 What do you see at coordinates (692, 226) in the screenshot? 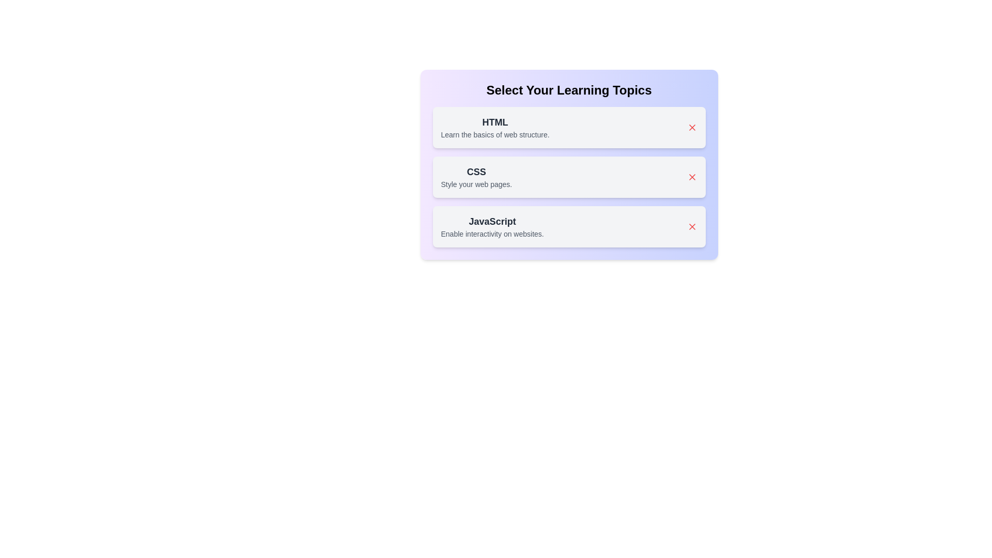
I see `red X button to remove the topic JavaScript` at bounding box center [692, 226].